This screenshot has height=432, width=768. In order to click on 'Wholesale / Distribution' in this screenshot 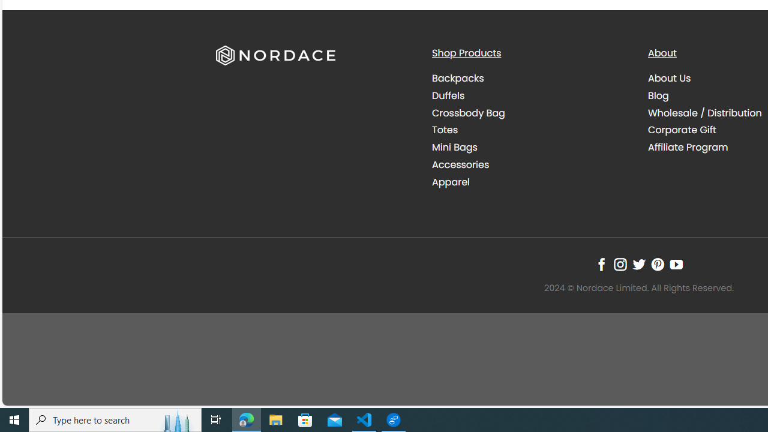, I will do `click(705, 112)`.